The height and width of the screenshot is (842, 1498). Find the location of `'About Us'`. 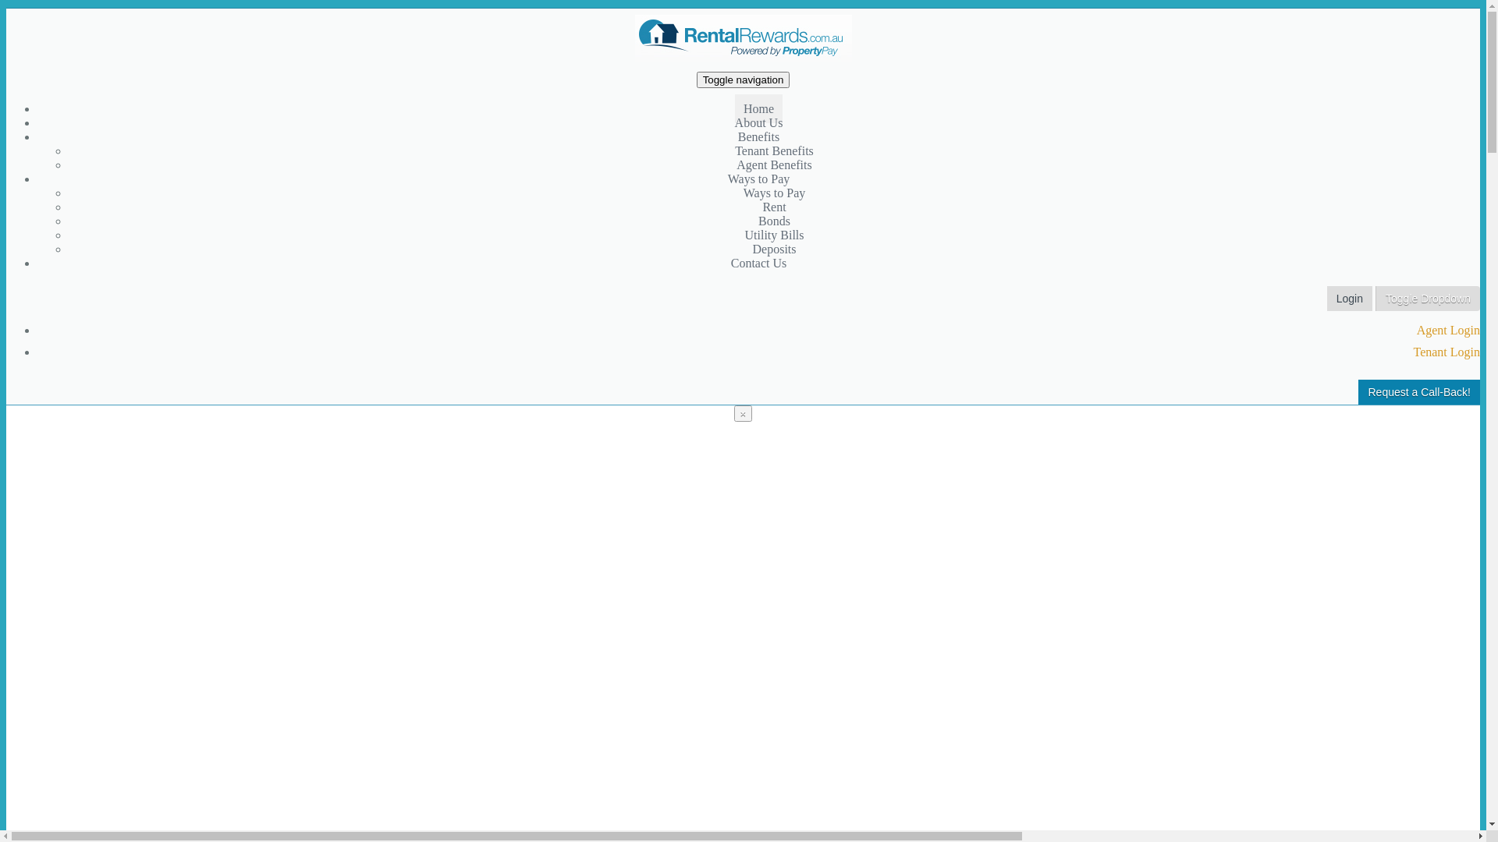

'About Us' is located at coordinates (759, 122).